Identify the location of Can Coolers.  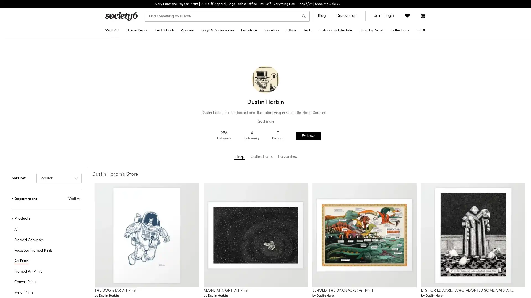
(342, 115).